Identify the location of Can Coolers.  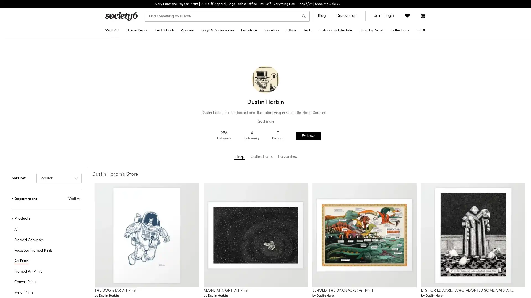
(342, 115).